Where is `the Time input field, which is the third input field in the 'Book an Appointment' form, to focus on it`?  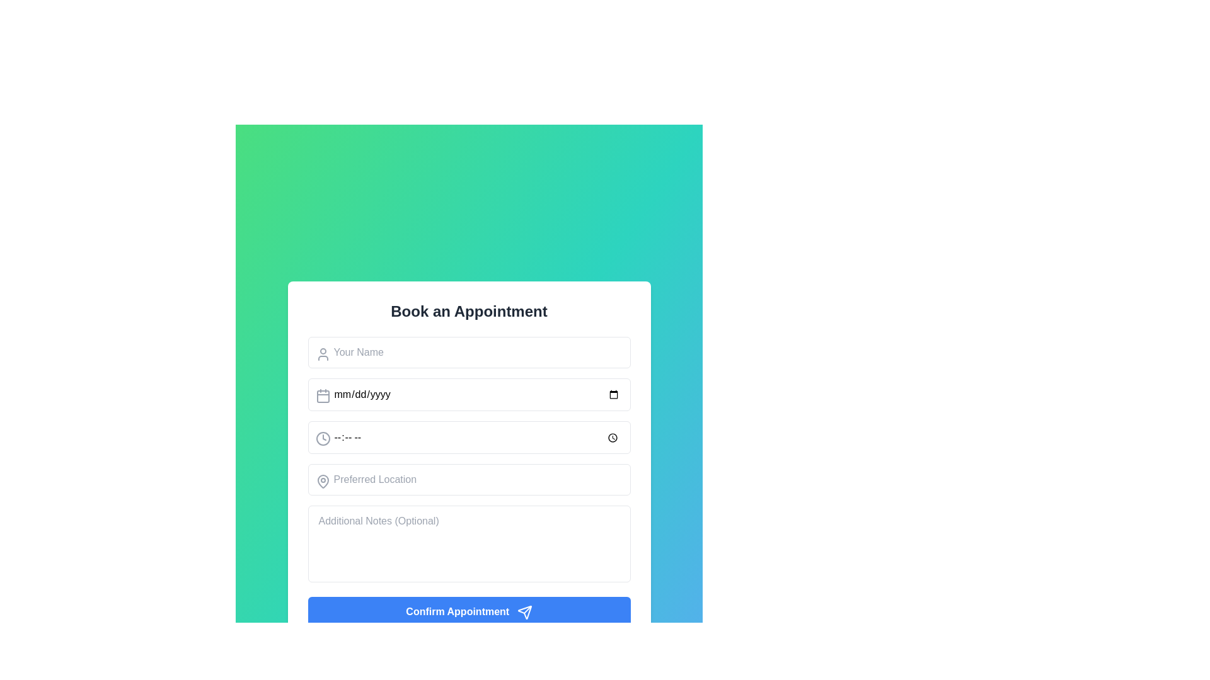 the Time input field, which is the third input field in the 'Book an Appointment' form, to focus on it is located at coordinates (468, 437).